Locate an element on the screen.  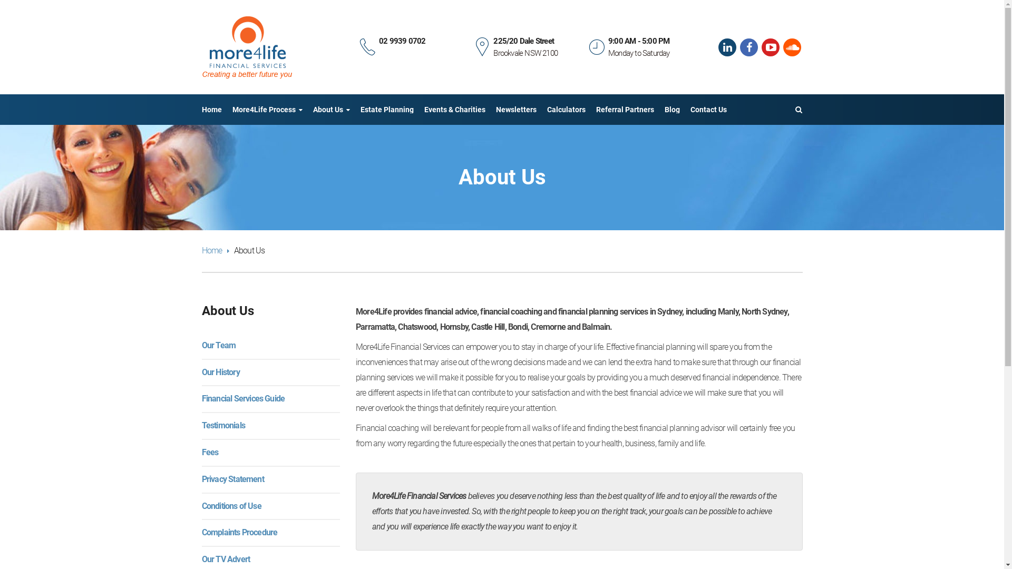
'More4Life Process' is located at coordinates (267, 110).